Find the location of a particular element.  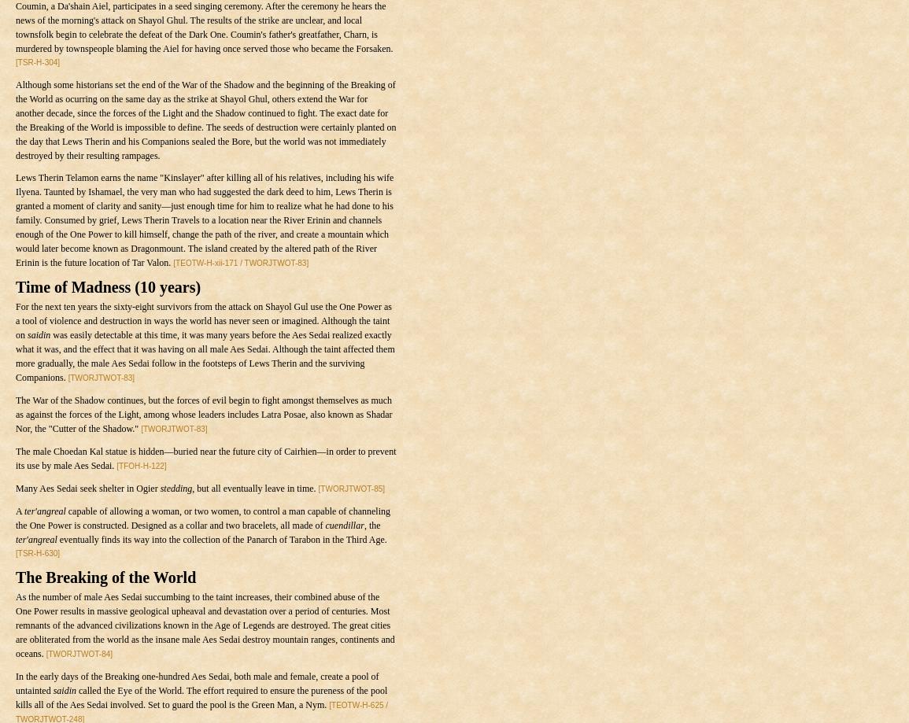

'Although some historians set the end of the War of the Shadow and the beginning of the Breaking of the World as ocurring on the same day as the strike at Shayol Ghul, others extend the War for another decade, since the forces of the Light and the Shadow continued to fight. The exact date for the Breaking of the World is impossible to define. The seeds of destruction were certainly planted on the day that Lews Therin and his Companions sealed the Bore, but the world was not immediately destroyed by their resulting rampages.' is located at coordinates (205, 120).